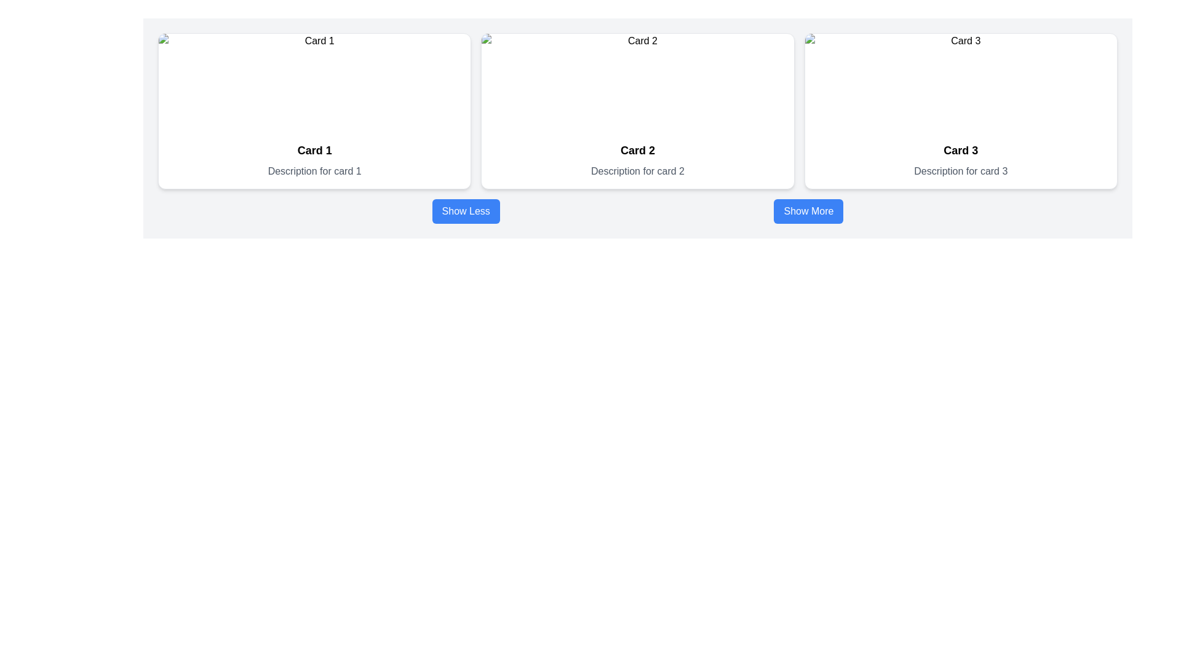  I want to click on the image element serving as a thumbnail for 'Card 2' located at the top of the second card in a horizontally arranged group of three cards, so click(637, 83).